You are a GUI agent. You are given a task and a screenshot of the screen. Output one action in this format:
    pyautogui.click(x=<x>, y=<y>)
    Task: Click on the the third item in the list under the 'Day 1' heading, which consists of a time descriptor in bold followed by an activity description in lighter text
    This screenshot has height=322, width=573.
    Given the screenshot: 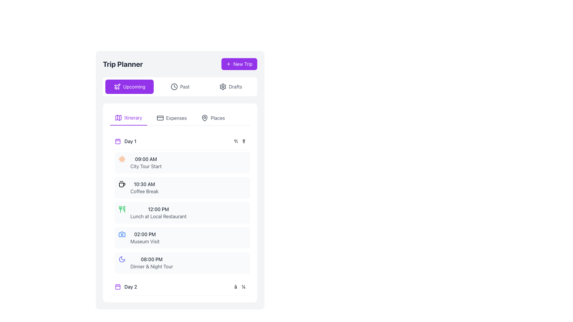 What is the action you would take?
    pyautogui.click(x=182, y=212)
    